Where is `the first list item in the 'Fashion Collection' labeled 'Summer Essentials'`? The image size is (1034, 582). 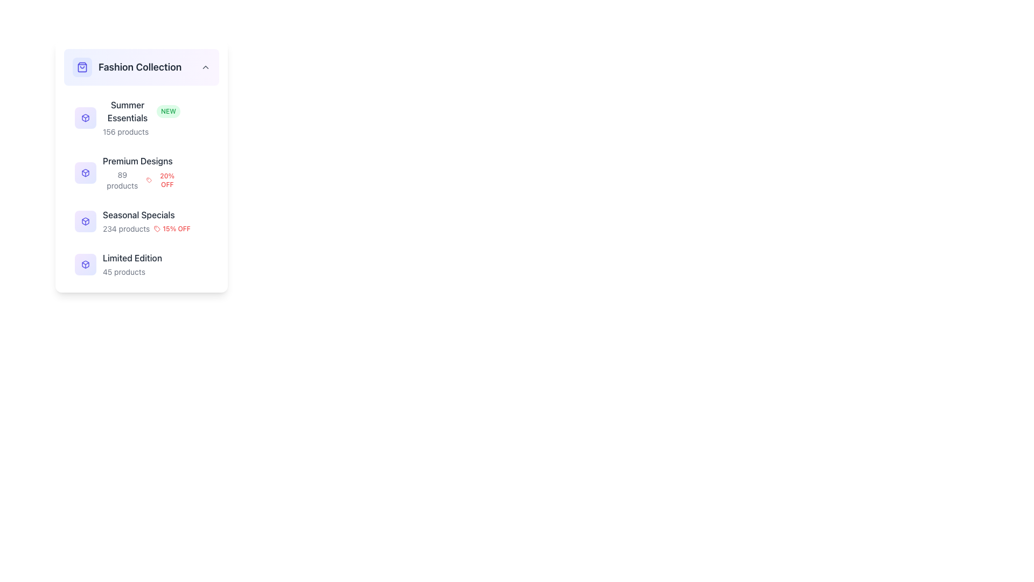 the first list item in the 'Fashion Collection' labeled 'Summer Essentials' is located at coordinates (143, 118).